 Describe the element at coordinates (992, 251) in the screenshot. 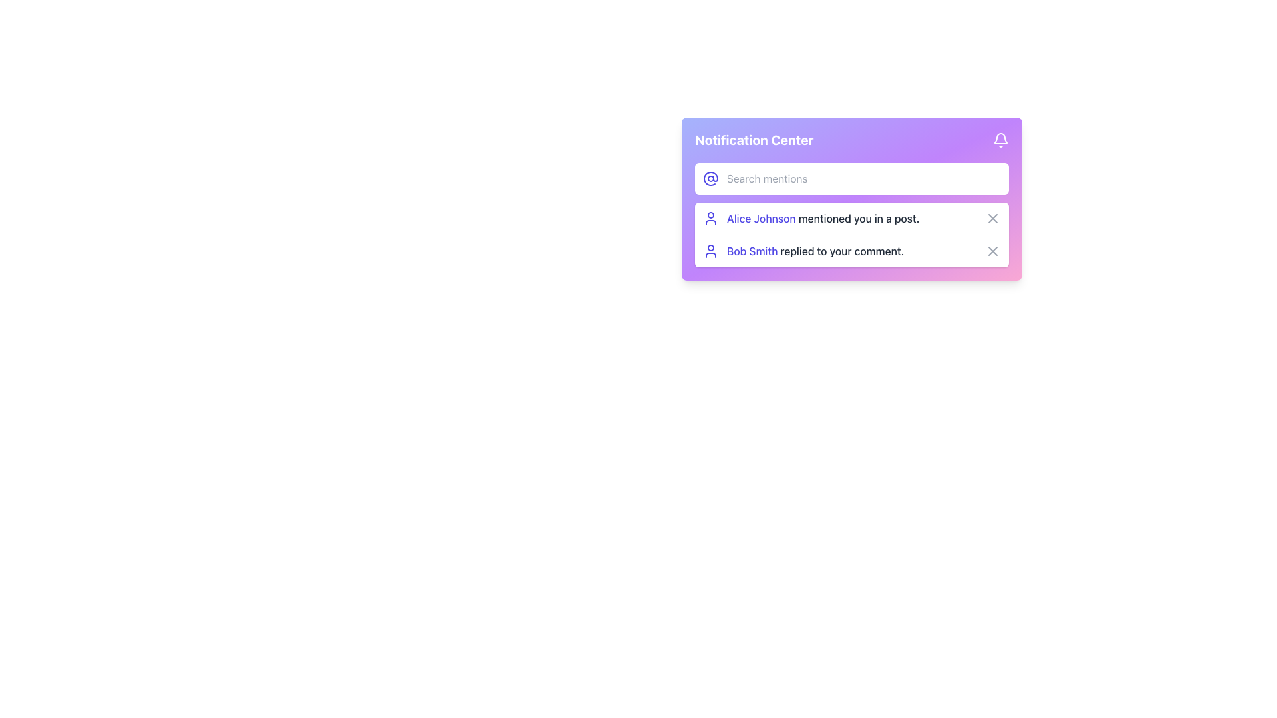

I see `the Close (X) Icon located at the far right of the second notification item in the Notification Center` at that location.